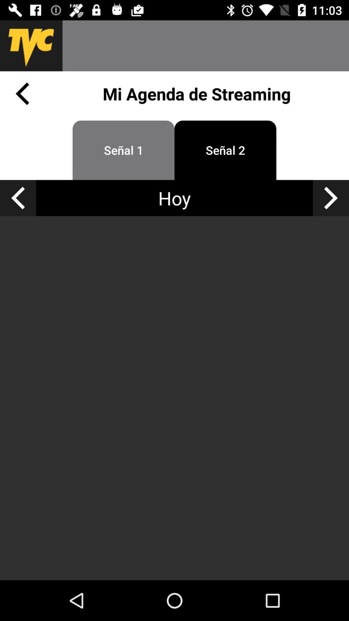  Describe the element at coordinates (22, 93) in the screenshot. I see `item to the left of mi agenda de app` at that location.